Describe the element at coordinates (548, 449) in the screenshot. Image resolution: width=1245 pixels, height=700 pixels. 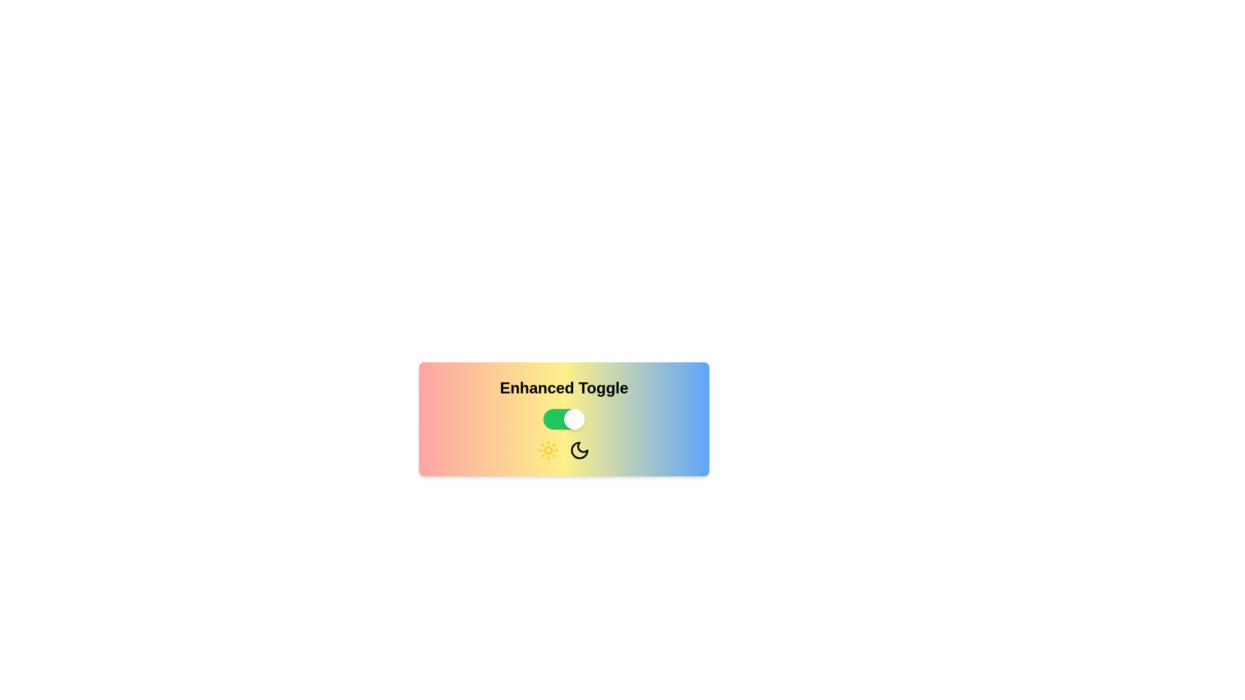
I see `the Sun icon to interact with the active state representation` at that location.